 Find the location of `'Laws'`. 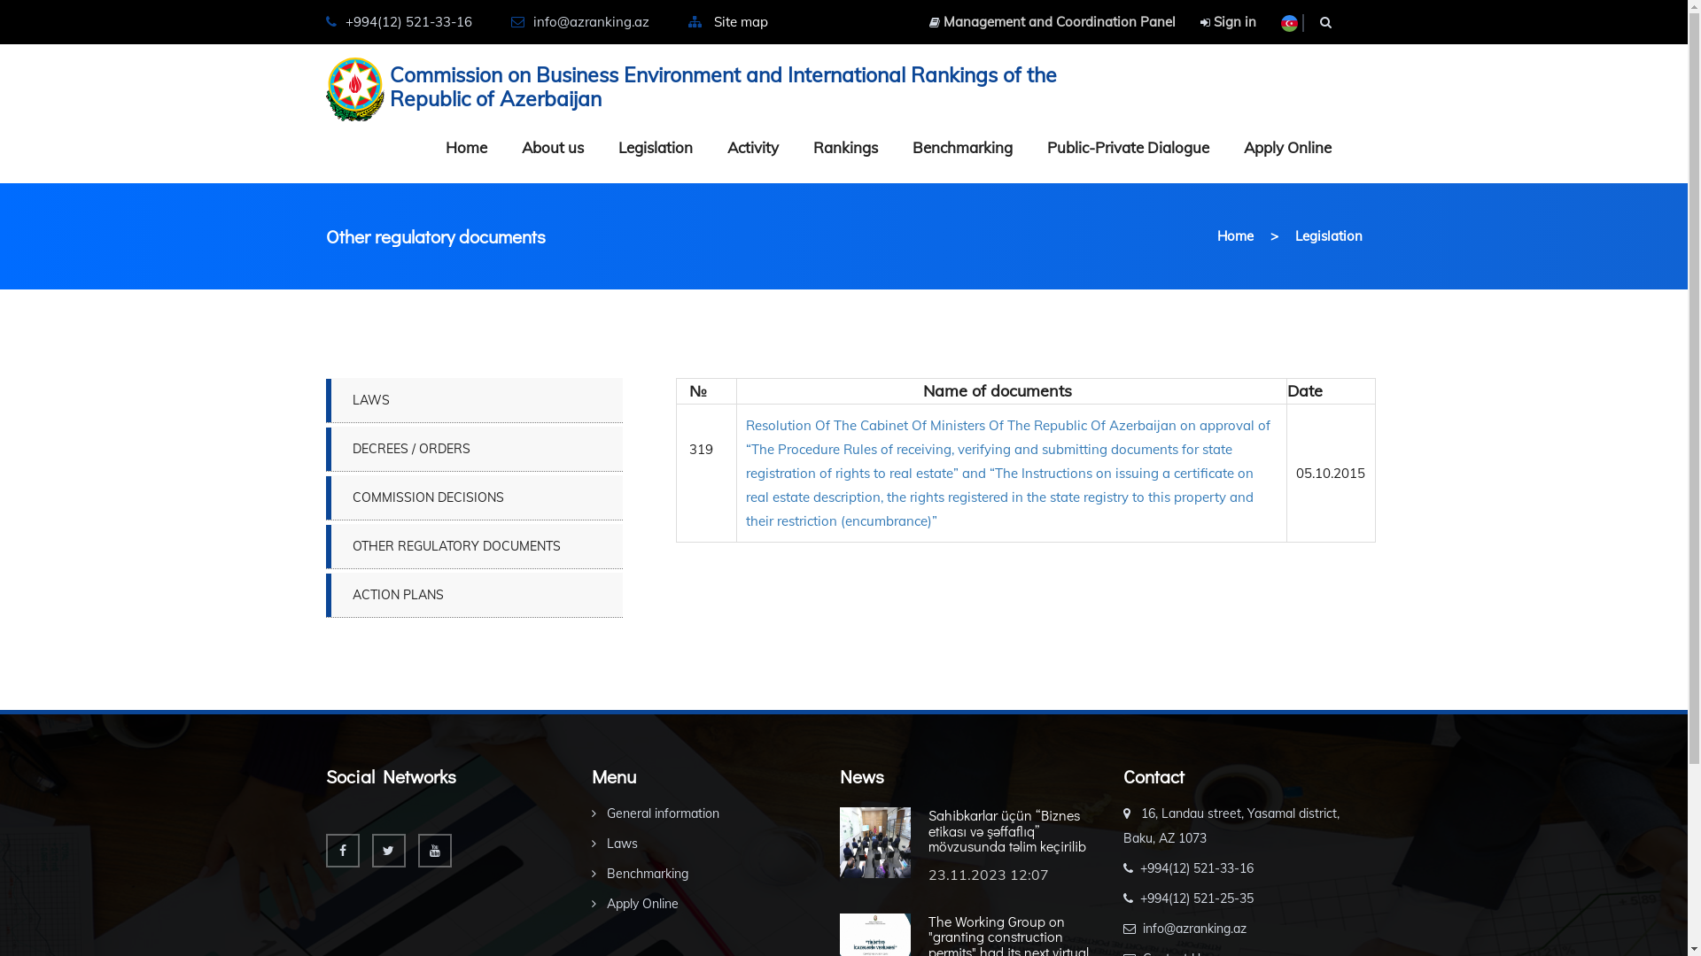

'Laws' is located at coordinates (615, 842).